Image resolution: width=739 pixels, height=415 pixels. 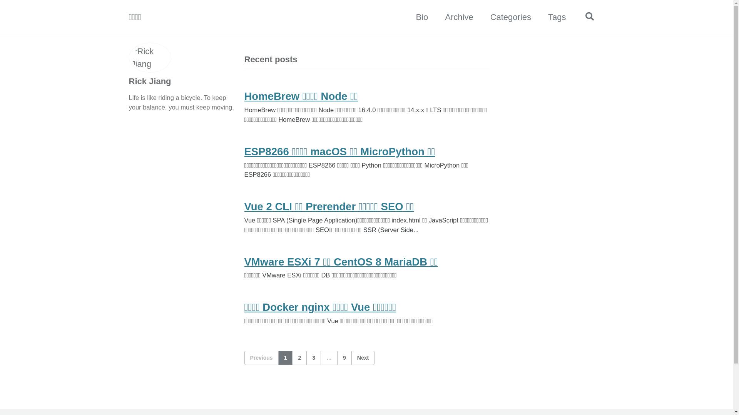 What do you see at coordinates (0, 0) in the screenshot?
I see `'Skip to primary navigation'` at bounding box center [0, 0].